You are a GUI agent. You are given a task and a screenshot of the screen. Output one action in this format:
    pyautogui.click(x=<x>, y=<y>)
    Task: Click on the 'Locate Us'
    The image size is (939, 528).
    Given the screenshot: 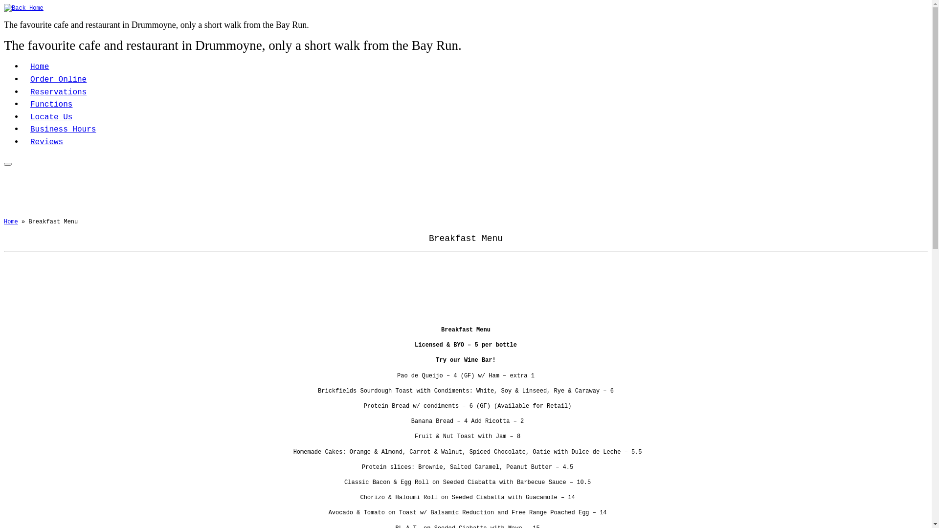 What is the action you would take?
    pyautogui.click(x=23, y=116)
    